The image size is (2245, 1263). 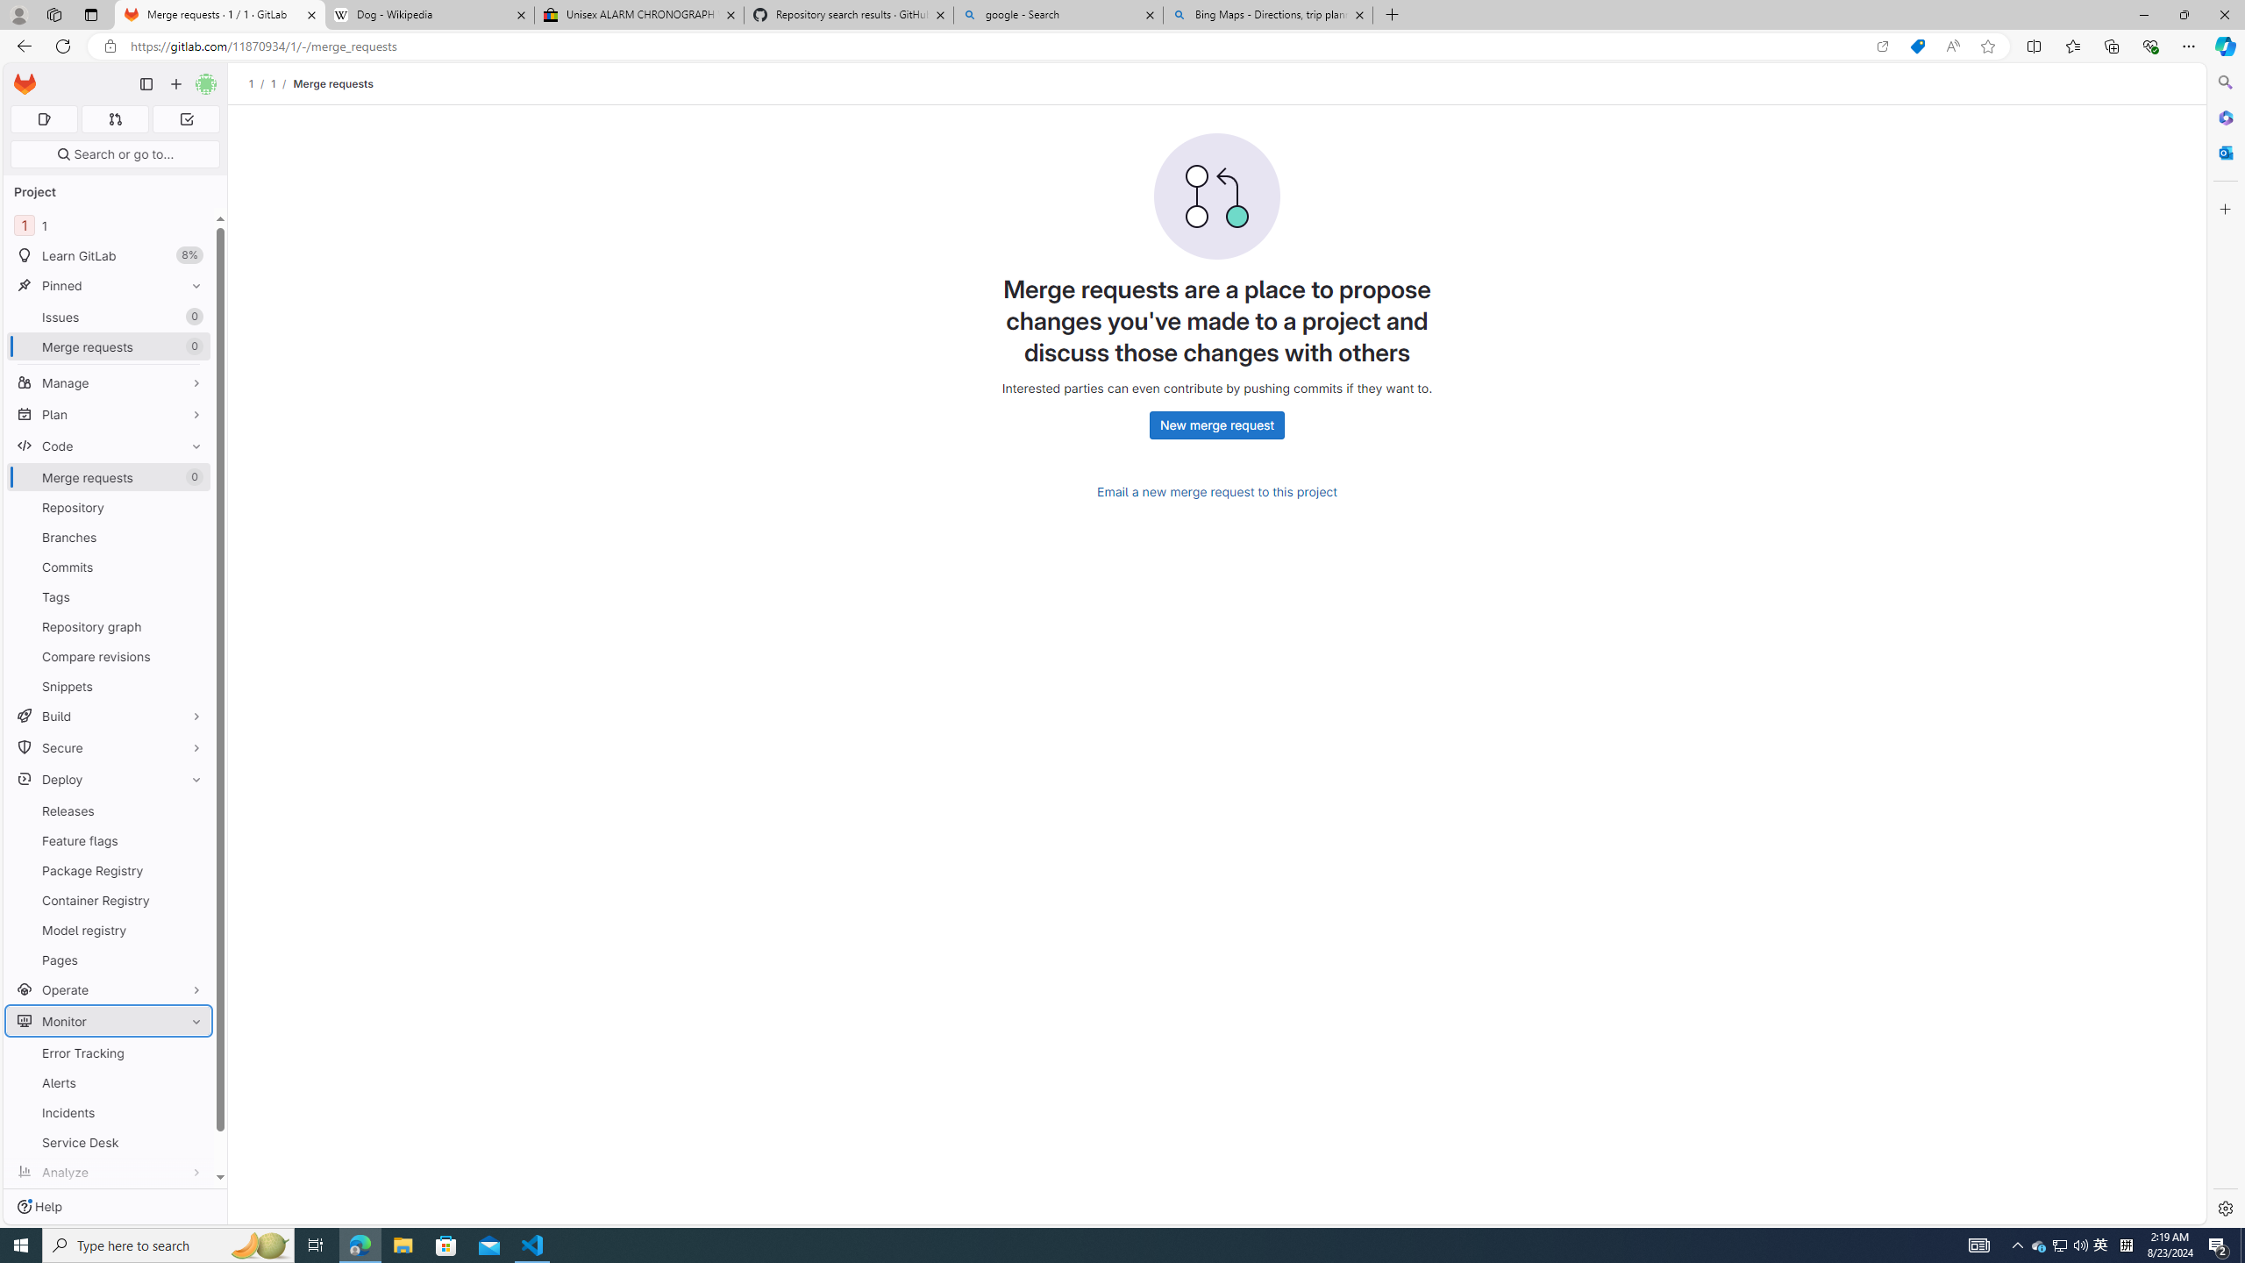 What do you see at coordinates (108, 900) in the screenshot?
I see `'Container Registry'` at bounding box center [108, 900].